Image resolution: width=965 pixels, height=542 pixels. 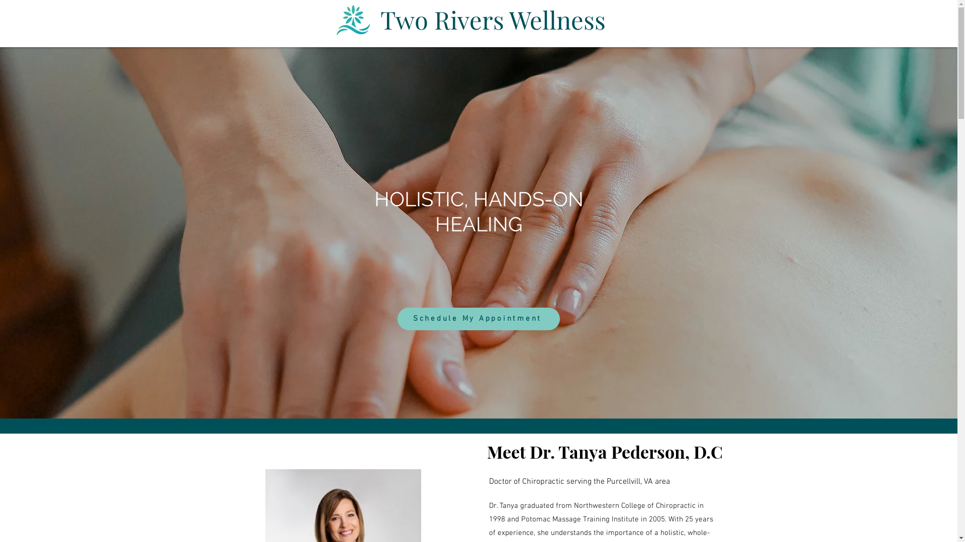 I want to click on 'Schedule My Appointment', so click(x=477, y=319).